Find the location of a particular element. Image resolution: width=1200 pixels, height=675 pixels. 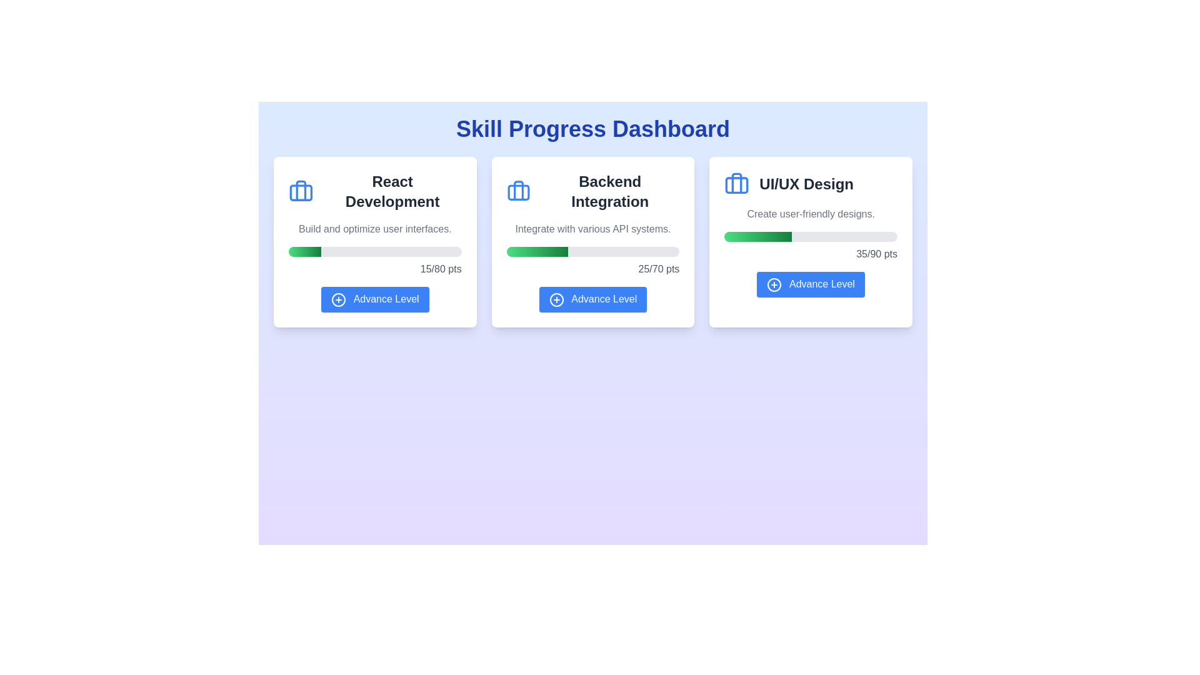

the Heading Text element located in the leftmost card of the three-card layout, which is positioned next to a briefcase icon is located at coordinates (392, 192).